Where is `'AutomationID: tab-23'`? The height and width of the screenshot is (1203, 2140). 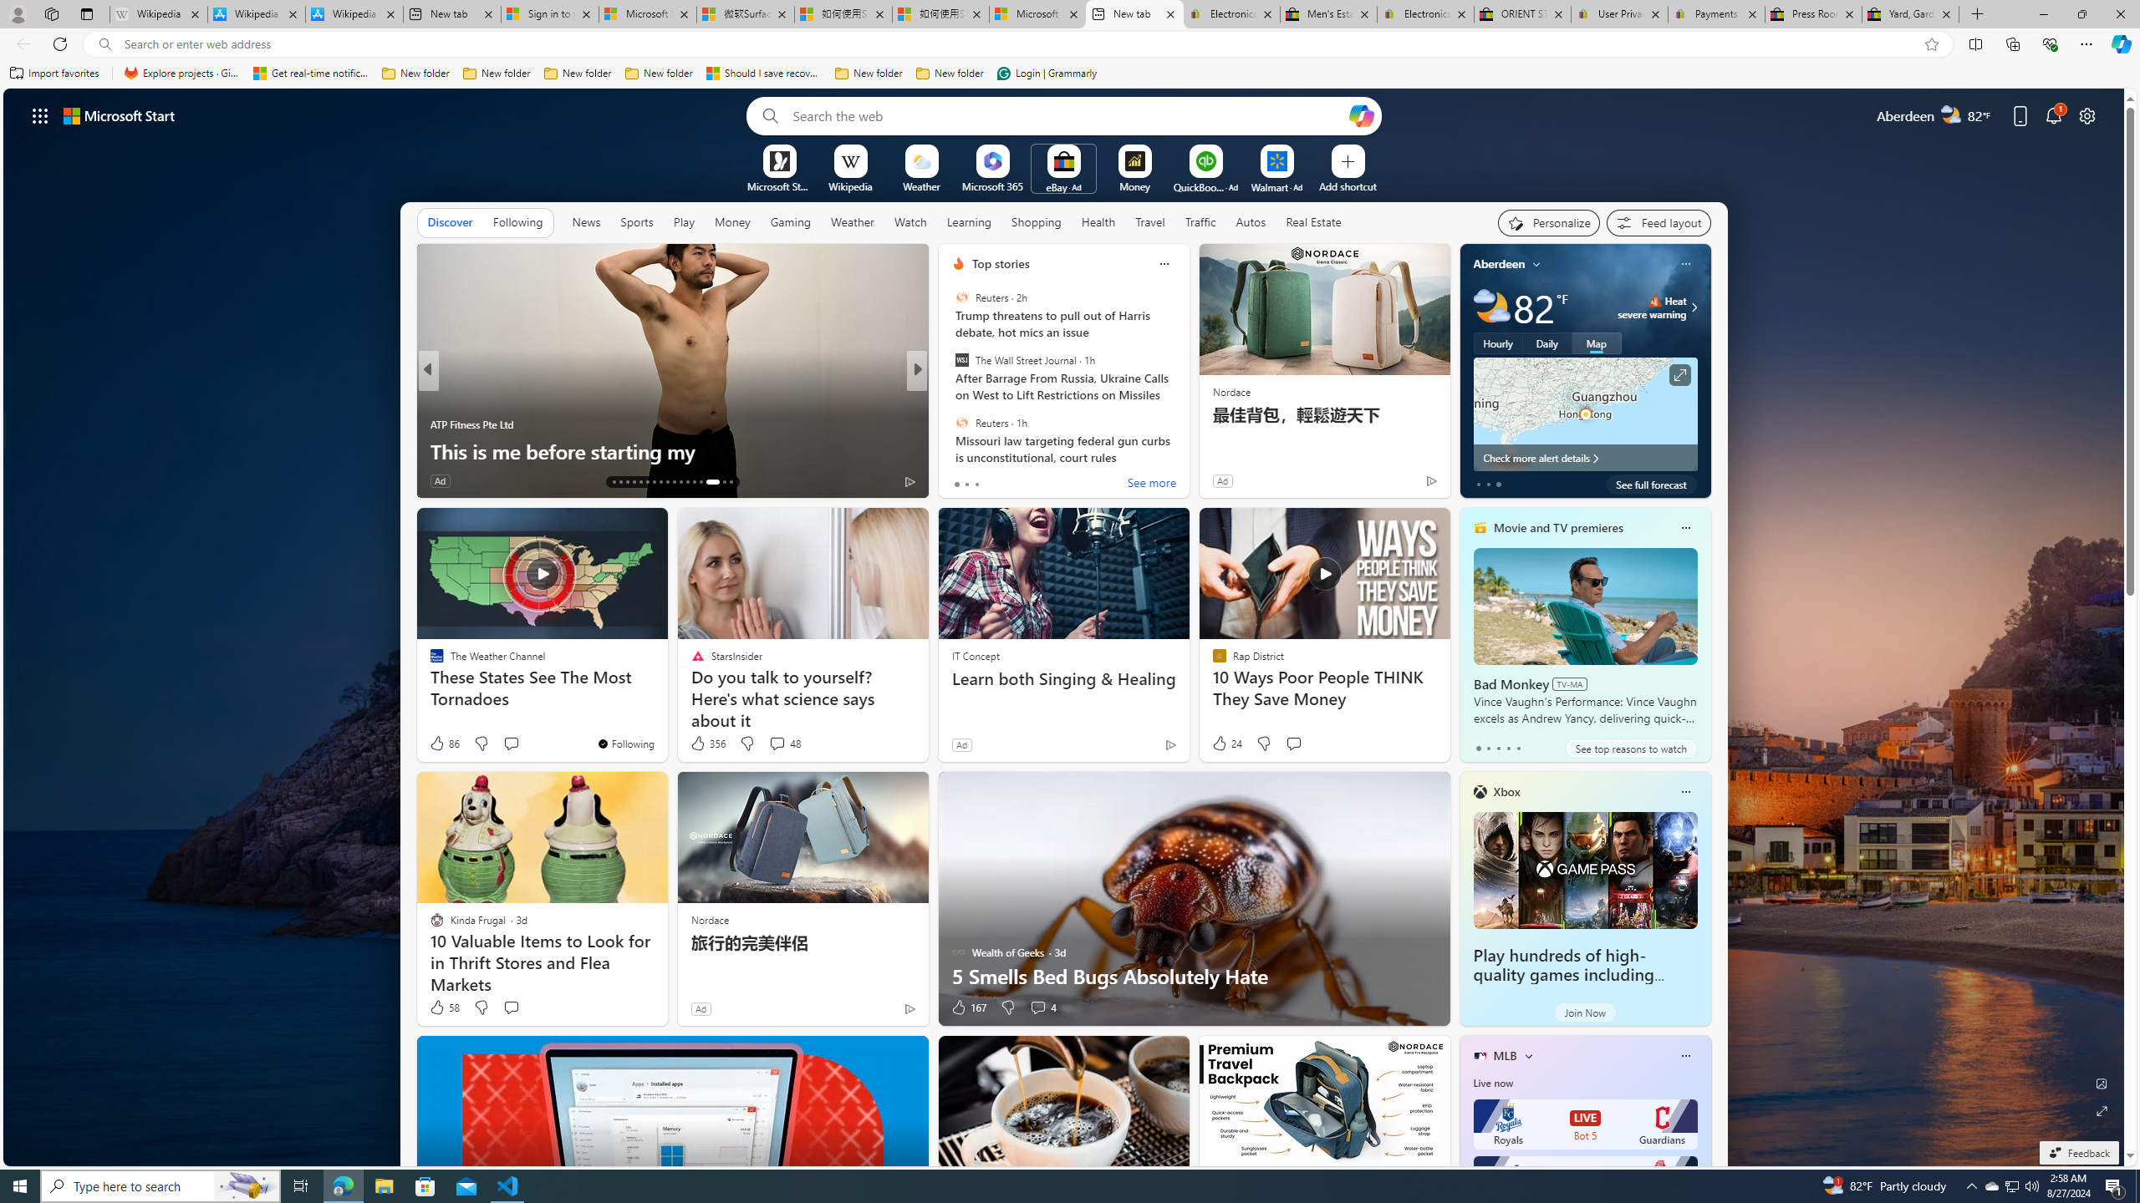
'AutomationID: tab-23' is located at coordinates (680, 482).